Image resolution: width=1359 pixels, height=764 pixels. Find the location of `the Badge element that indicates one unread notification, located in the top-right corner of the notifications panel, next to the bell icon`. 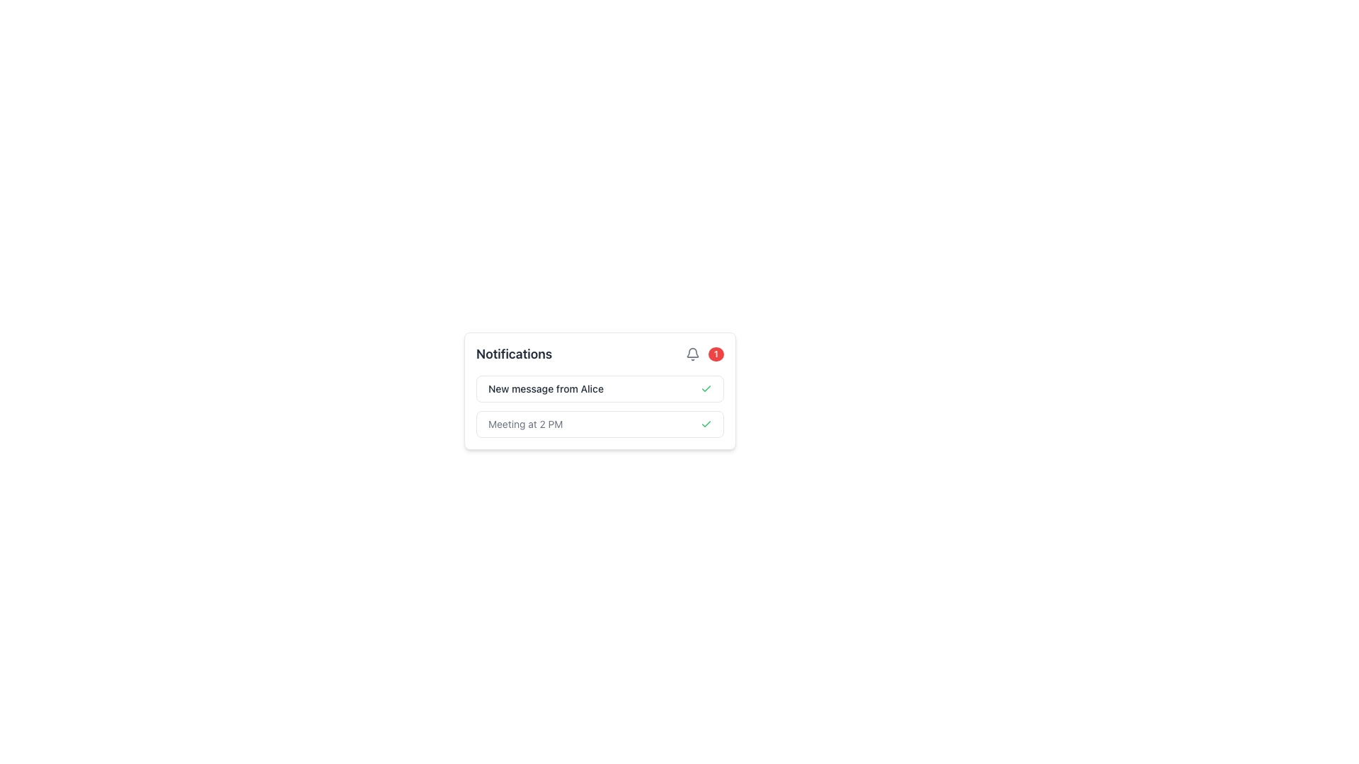

the Badge element that indicates one unread notification, located in the top-right corner of the notifications panel, next to the bell icon is located at coordinates (716, 354).